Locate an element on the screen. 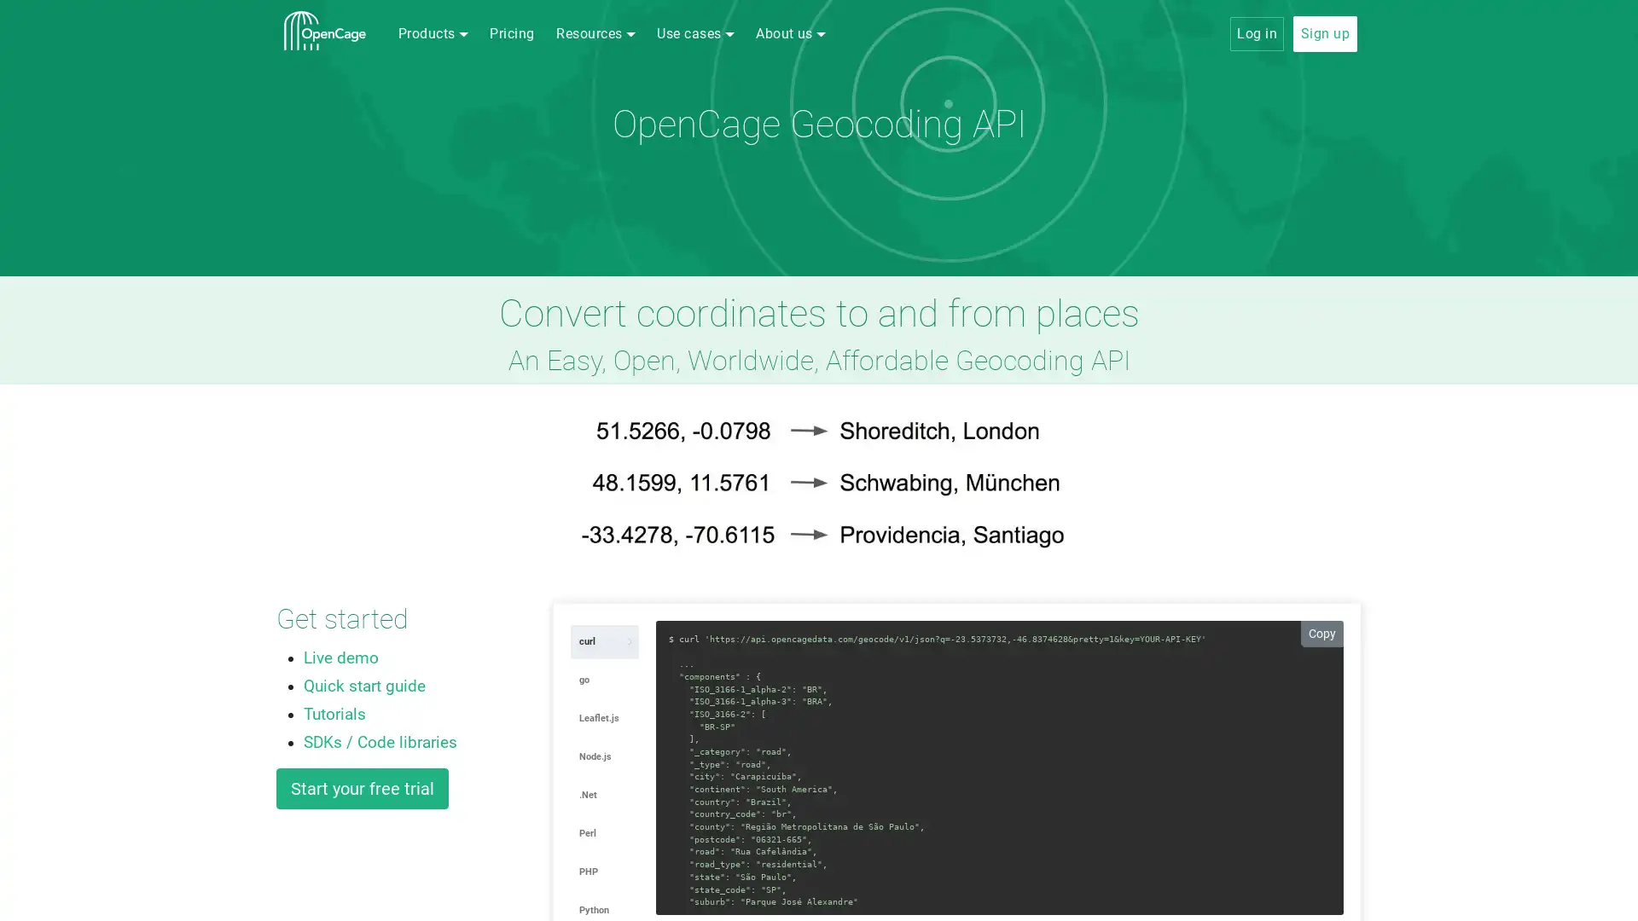 Image resolution: width=1638 pixels, height=921 pixels. Resources is located at coordinates (595, 33).